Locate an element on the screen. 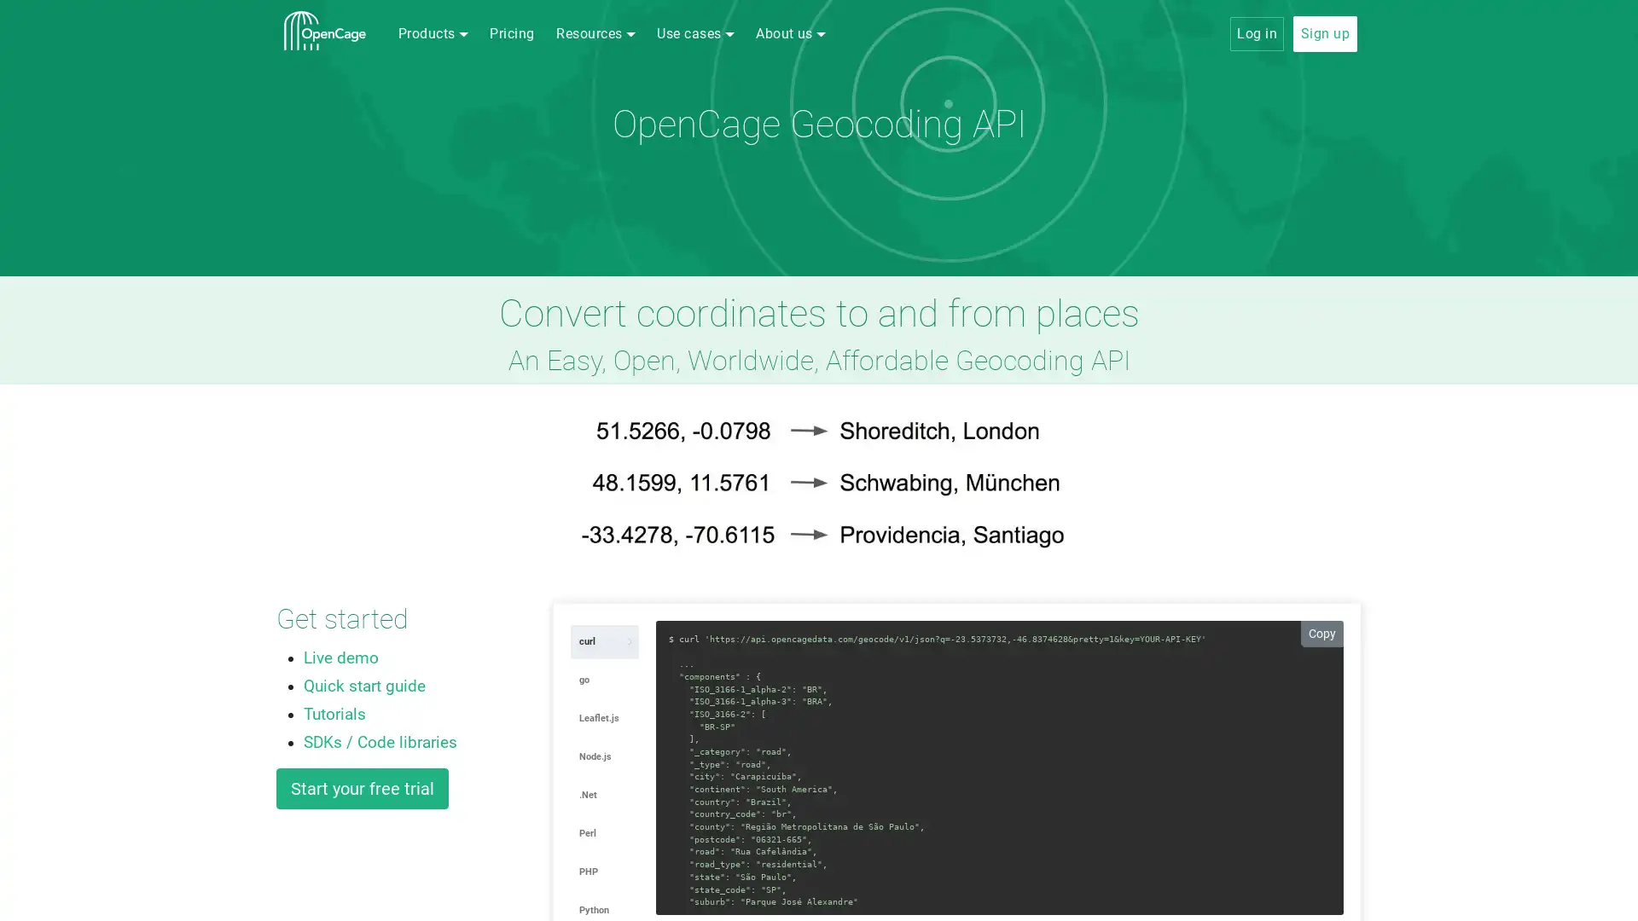 Image resolution: width=1638 pixels, height=921 pixels. Resources is located at coordinates (595, 33).